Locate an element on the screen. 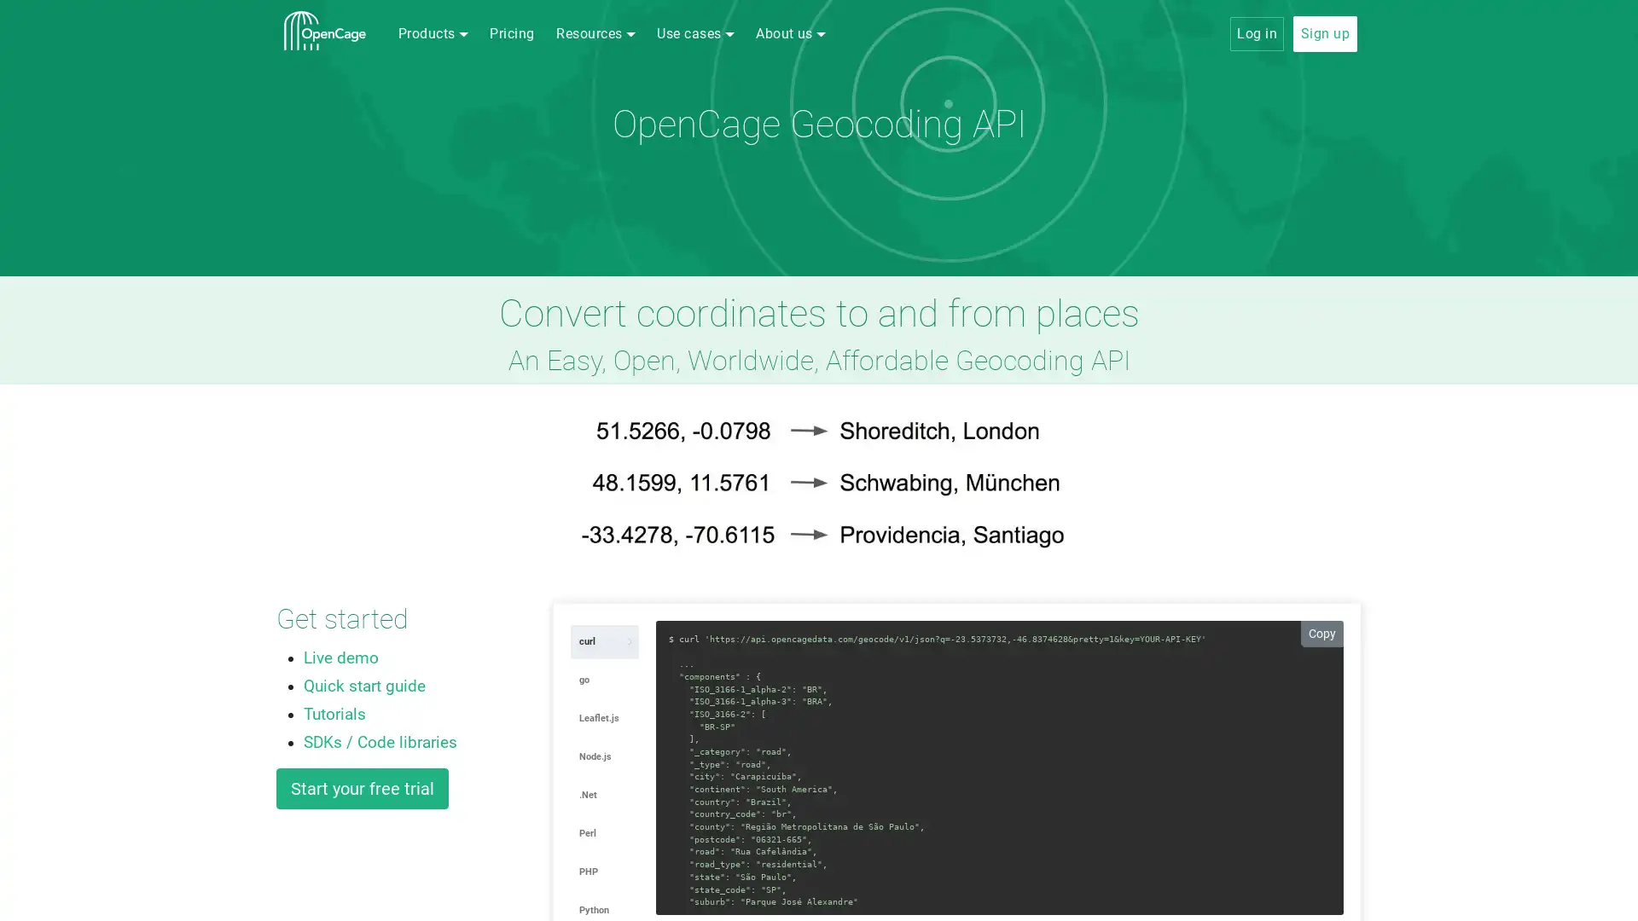 Image resolution: width=1638 pixels, height=921 pixels. Resources is located at coordinates (595, 33).